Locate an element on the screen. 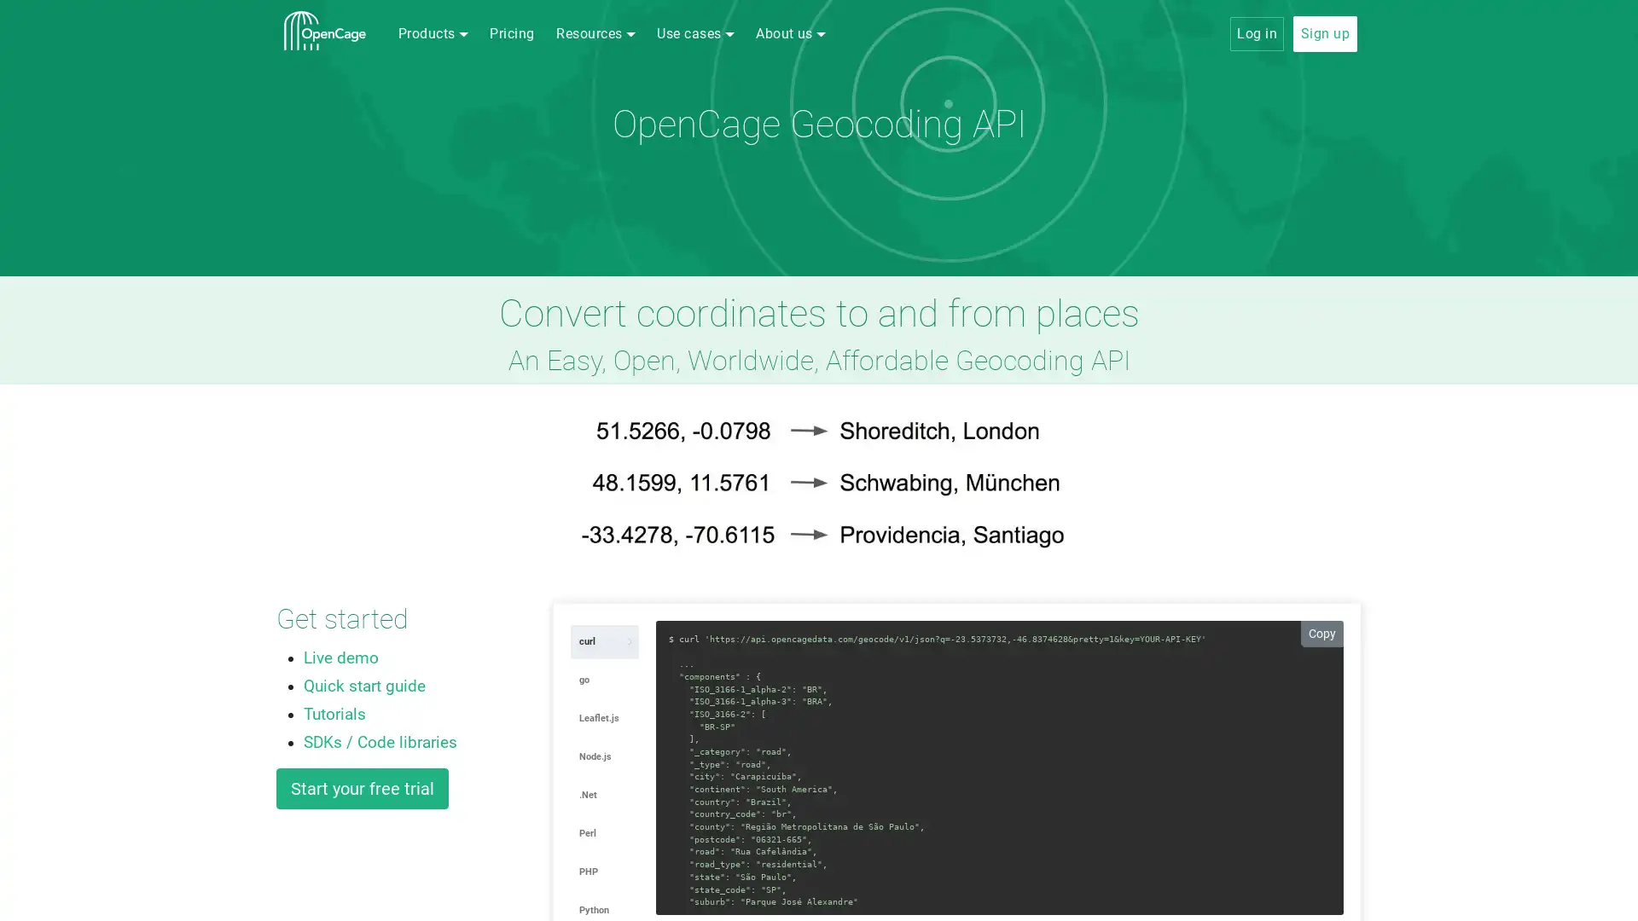 Image resolution: width=1638 pixels, height=921 pixels. Resources is located at coordinates (595, 33).